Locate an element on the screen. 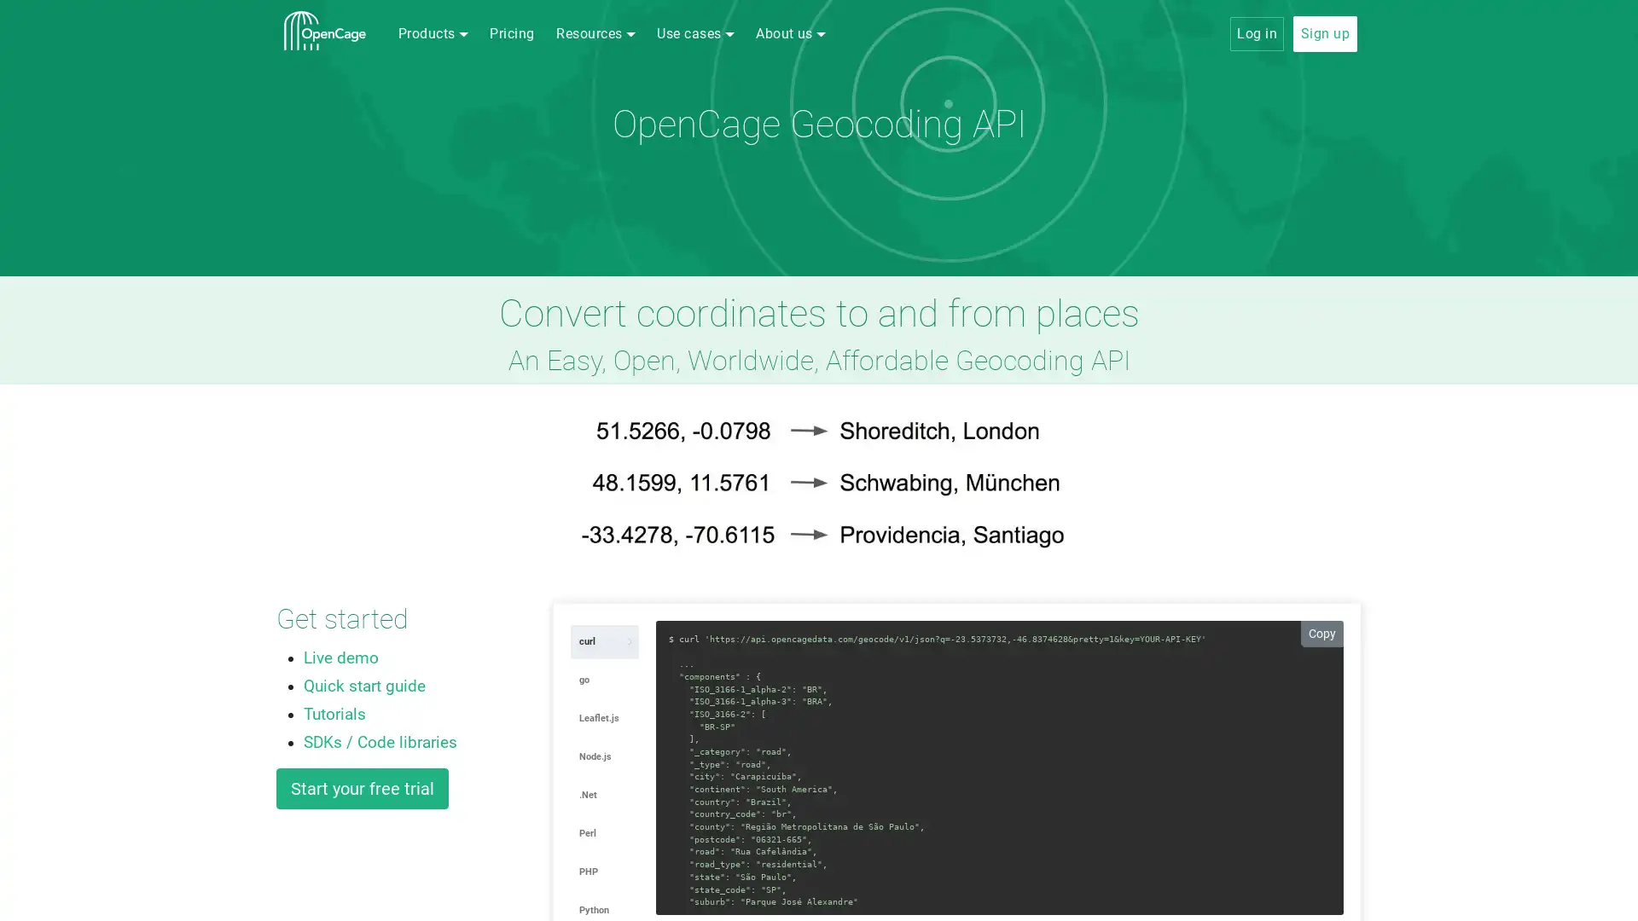 Image resolution: width=1638 pixels, height=921 pixels. Resources is located at coordinates (595, 33).